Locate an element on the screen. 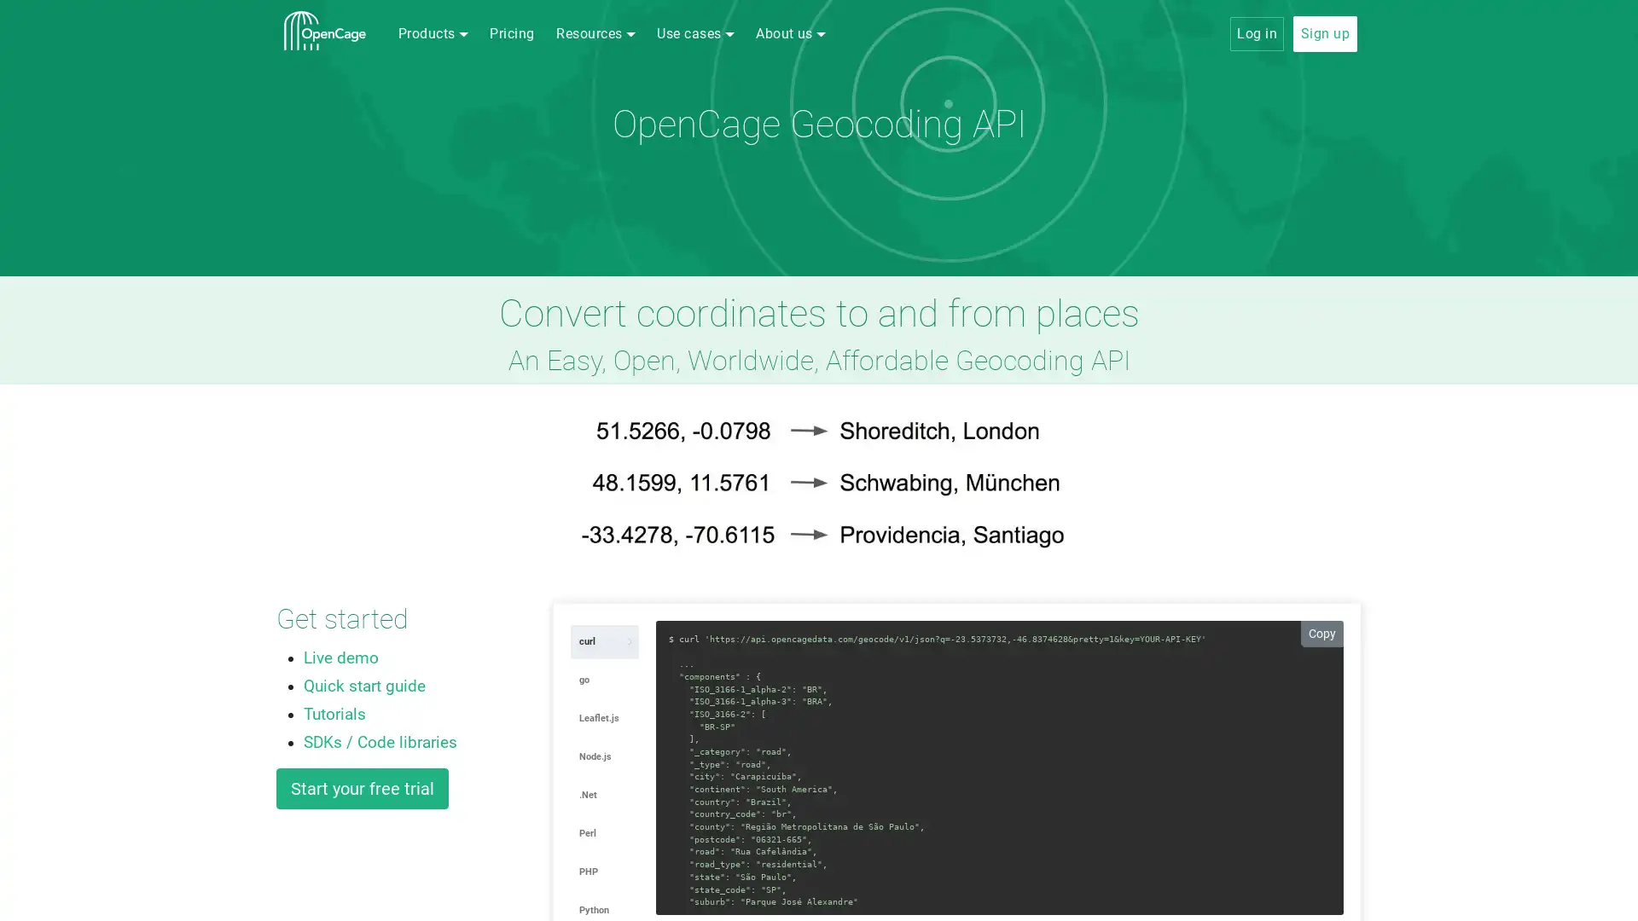 Image resolution: width=1638 pixels, height=921 pixels. Resources is located at coordinates (595, 33).